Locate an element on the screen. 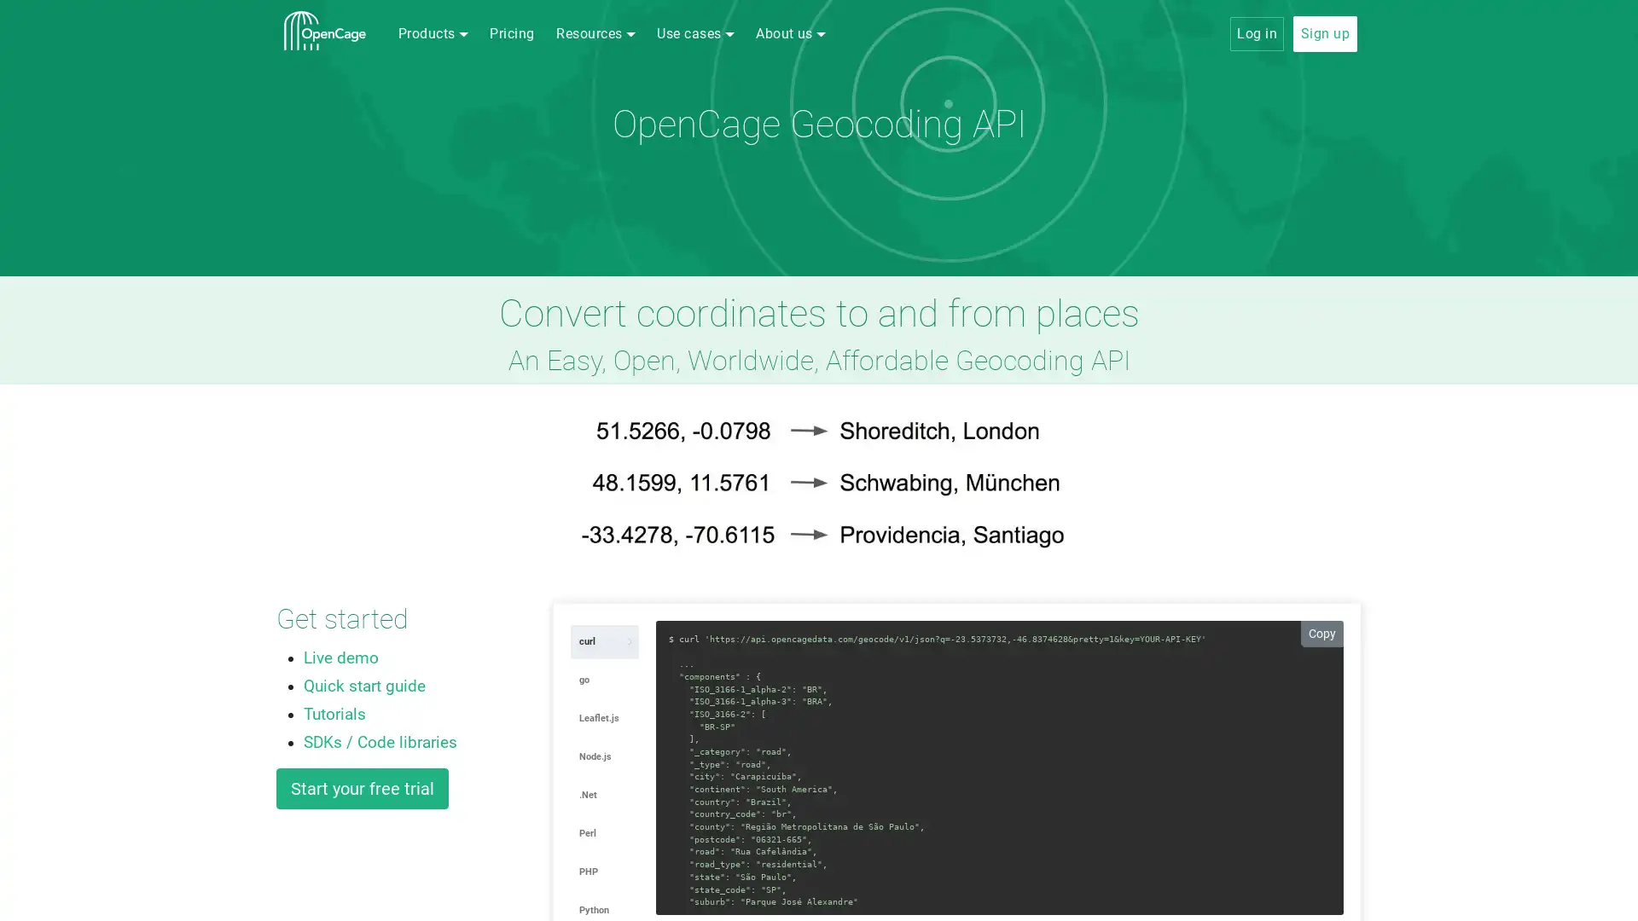 Image resolution: width=1638 pixels, height=921 pixels. Resources is located at coordinates (595, 33).